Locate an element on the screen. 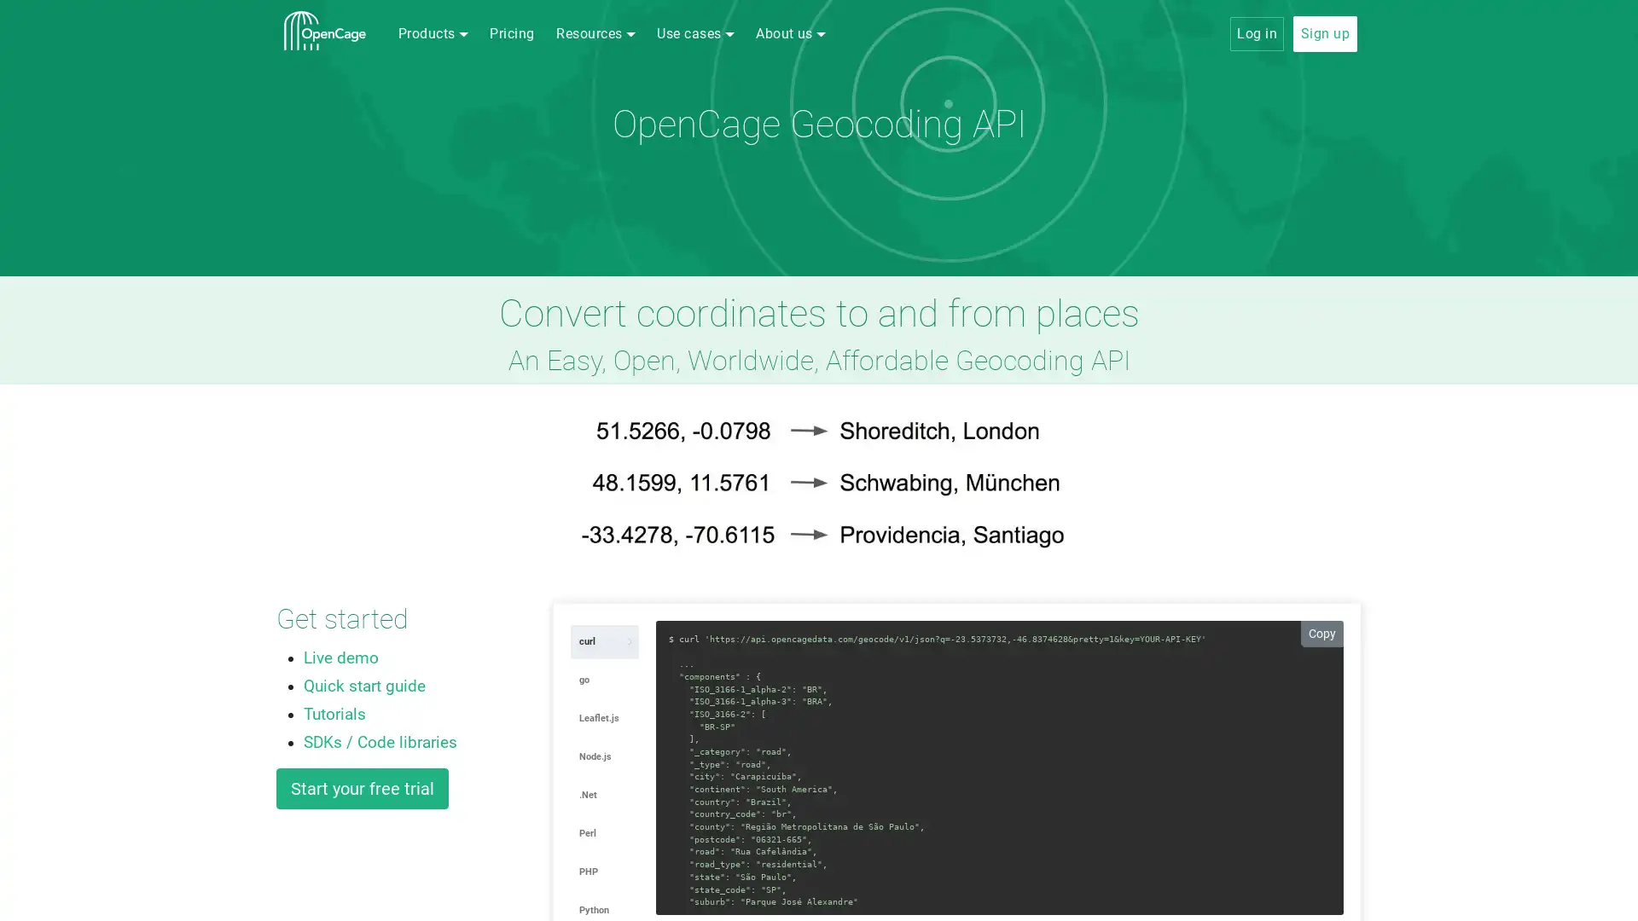 Image resolution: width=1638 pixels, height=921 pixels. Resources is located at coordinates (595, 33).